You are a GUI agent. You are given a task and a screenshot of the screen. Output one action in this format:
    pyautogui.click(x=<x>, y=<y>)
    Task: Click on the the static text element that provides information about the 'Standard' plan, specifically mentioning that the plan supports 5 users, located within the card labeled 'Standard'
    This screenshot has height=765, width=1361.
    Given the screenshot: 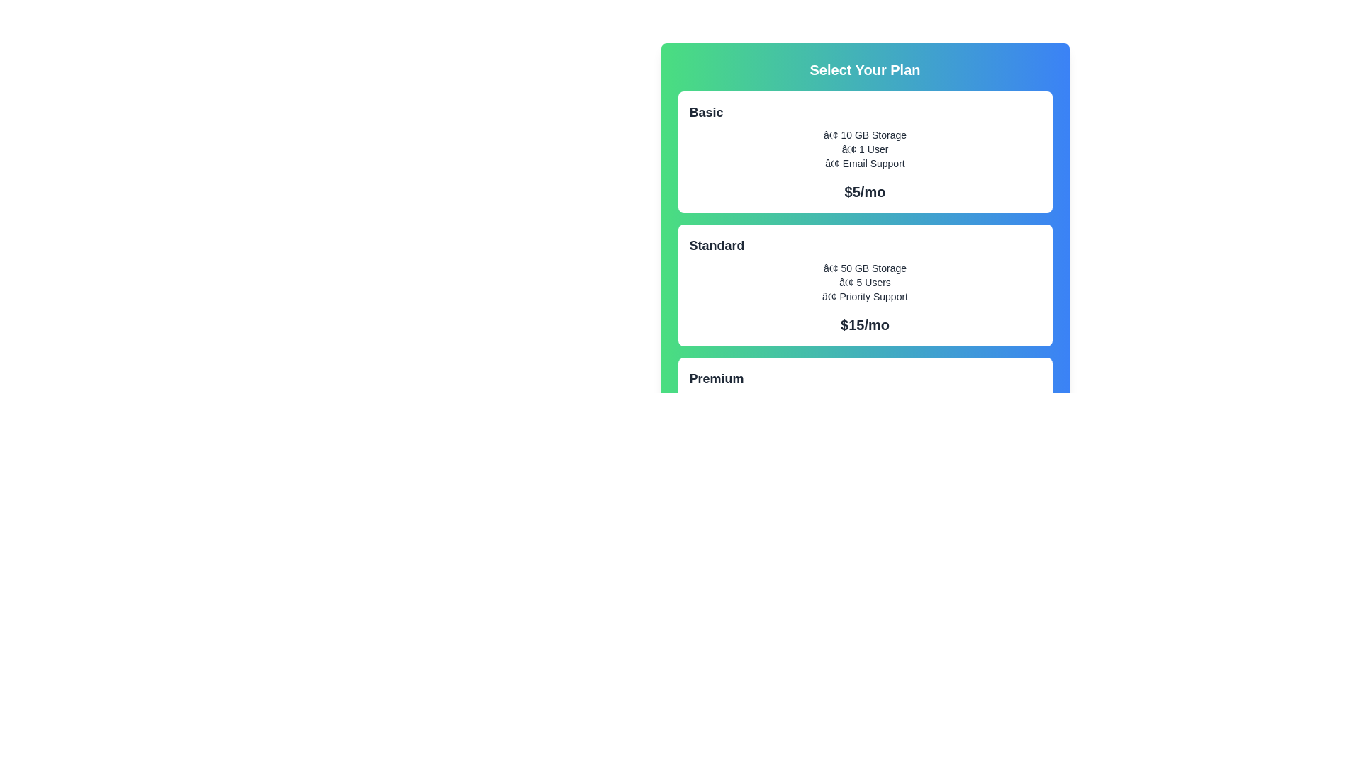 What is the action you would take?
    pyautogui.click(x=864, y=282)
    